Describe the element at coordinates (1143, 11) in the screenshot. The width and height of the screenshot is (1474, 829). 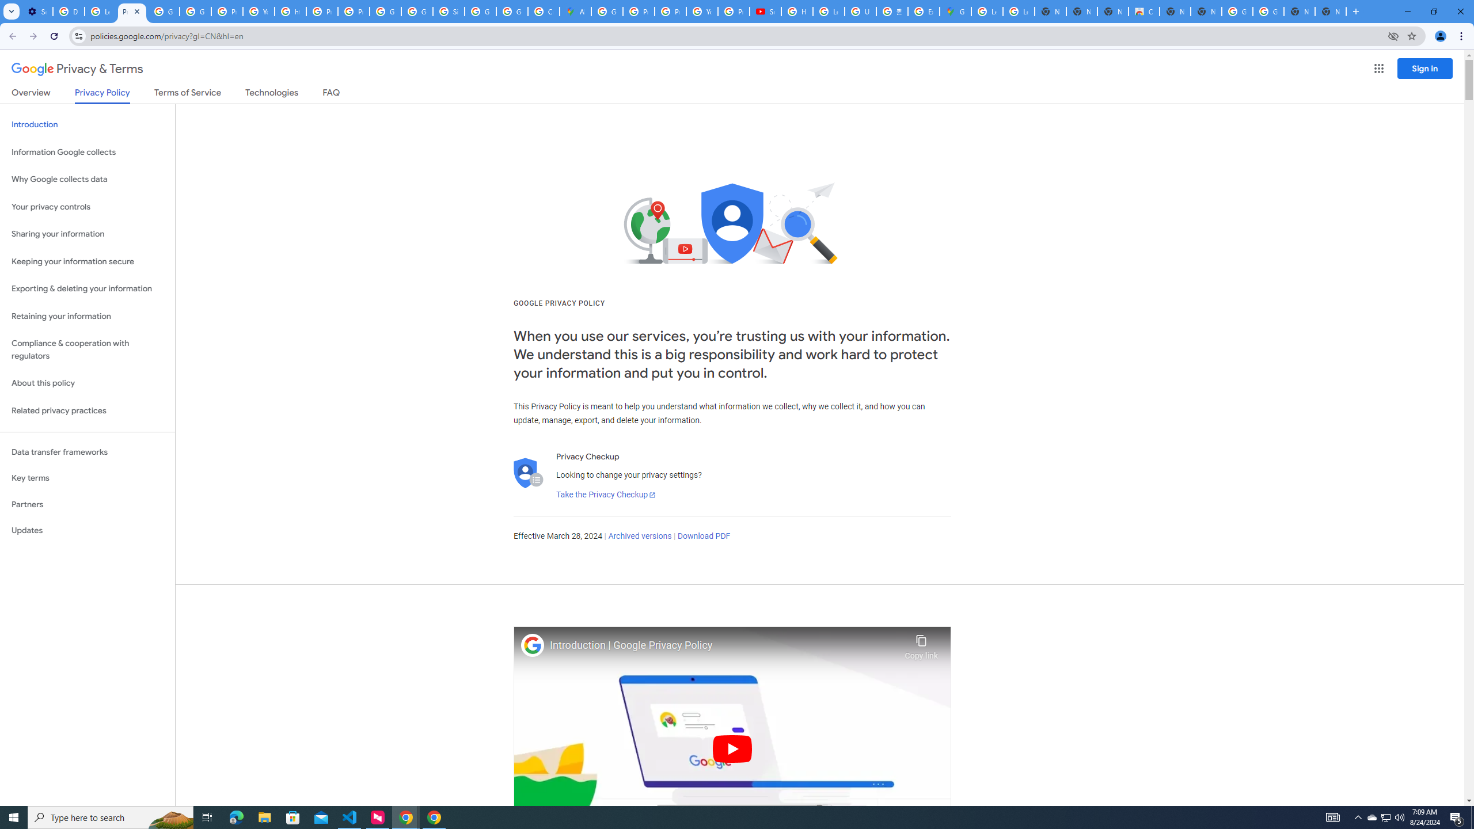
I see `'Chrome Web Store'` at that location.